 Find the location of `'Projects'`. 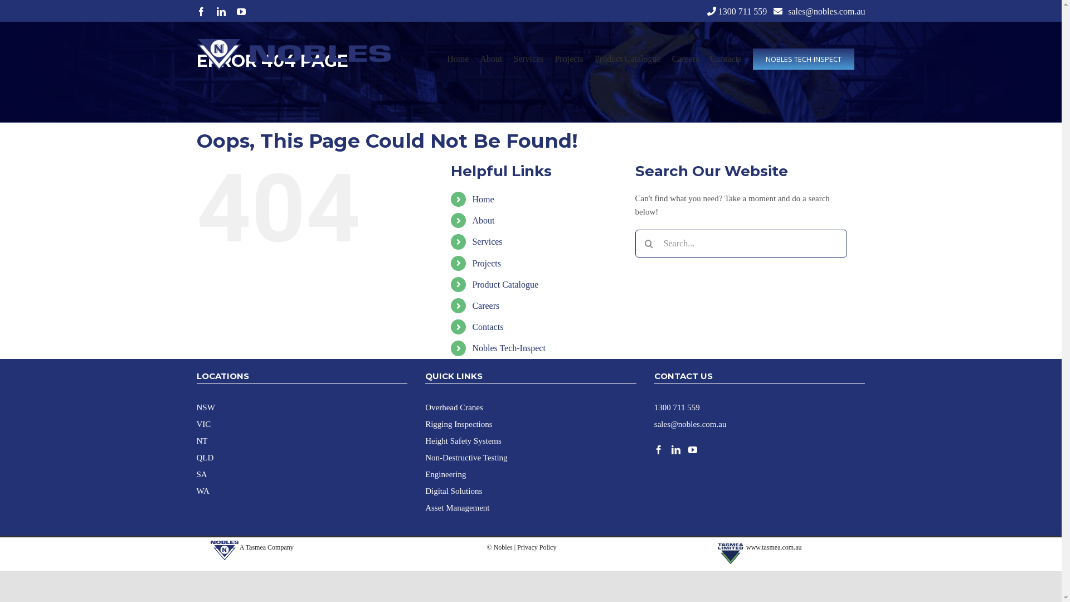

'Projects' is located at coordinates (569, 59).